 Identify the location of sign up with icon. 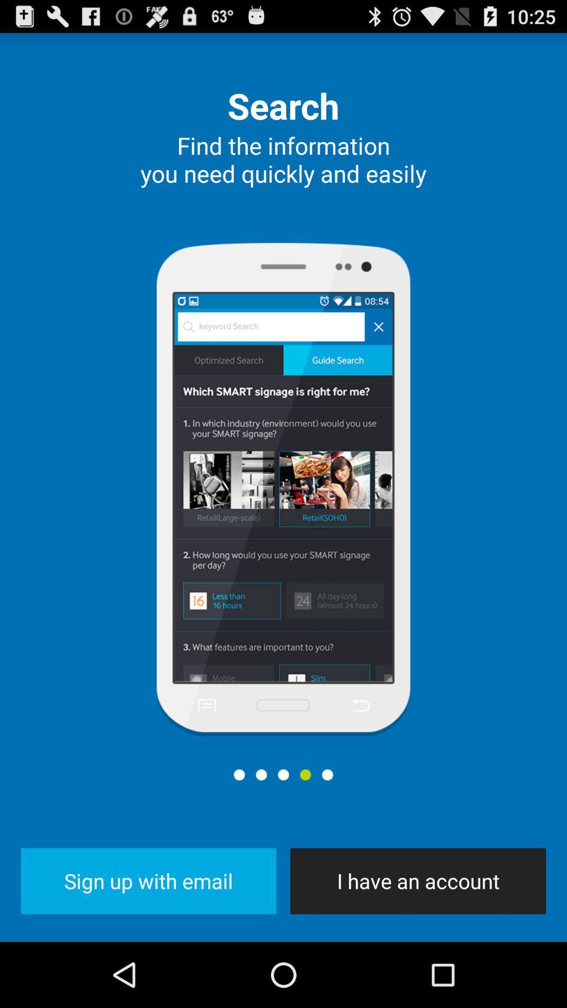
(149, 881).